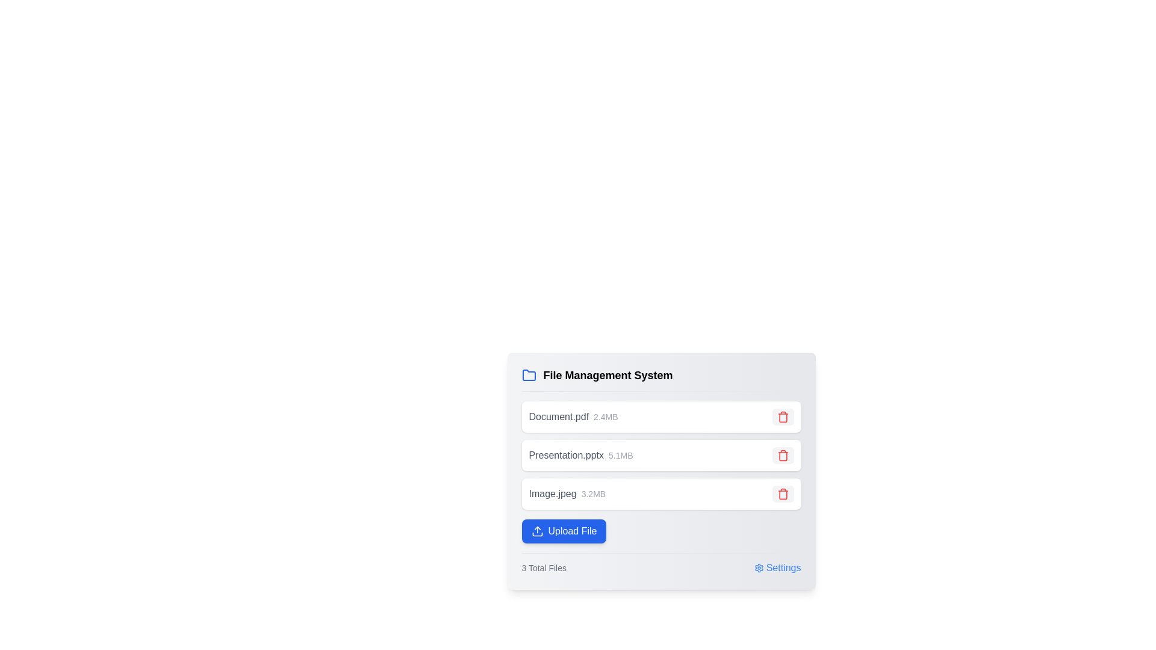  I want to click on the file entry representing a file in the file management interface, positioned as the second item in the list, to prepare for interaction, so click(660, 472).